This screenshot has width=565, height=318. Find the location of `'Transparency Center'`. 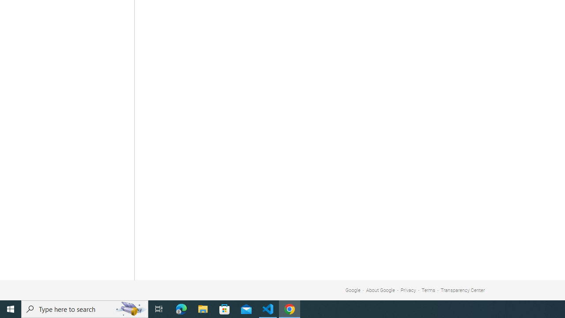

'Transparency Center' is located at coordinates (462, 290).